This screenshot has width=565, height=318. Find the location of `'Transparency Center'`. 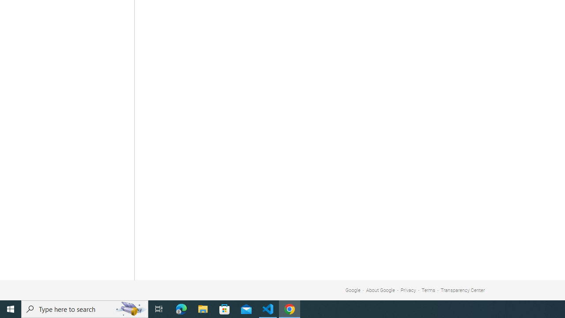

'Transparency Center' is located at coordinates (462, 290).